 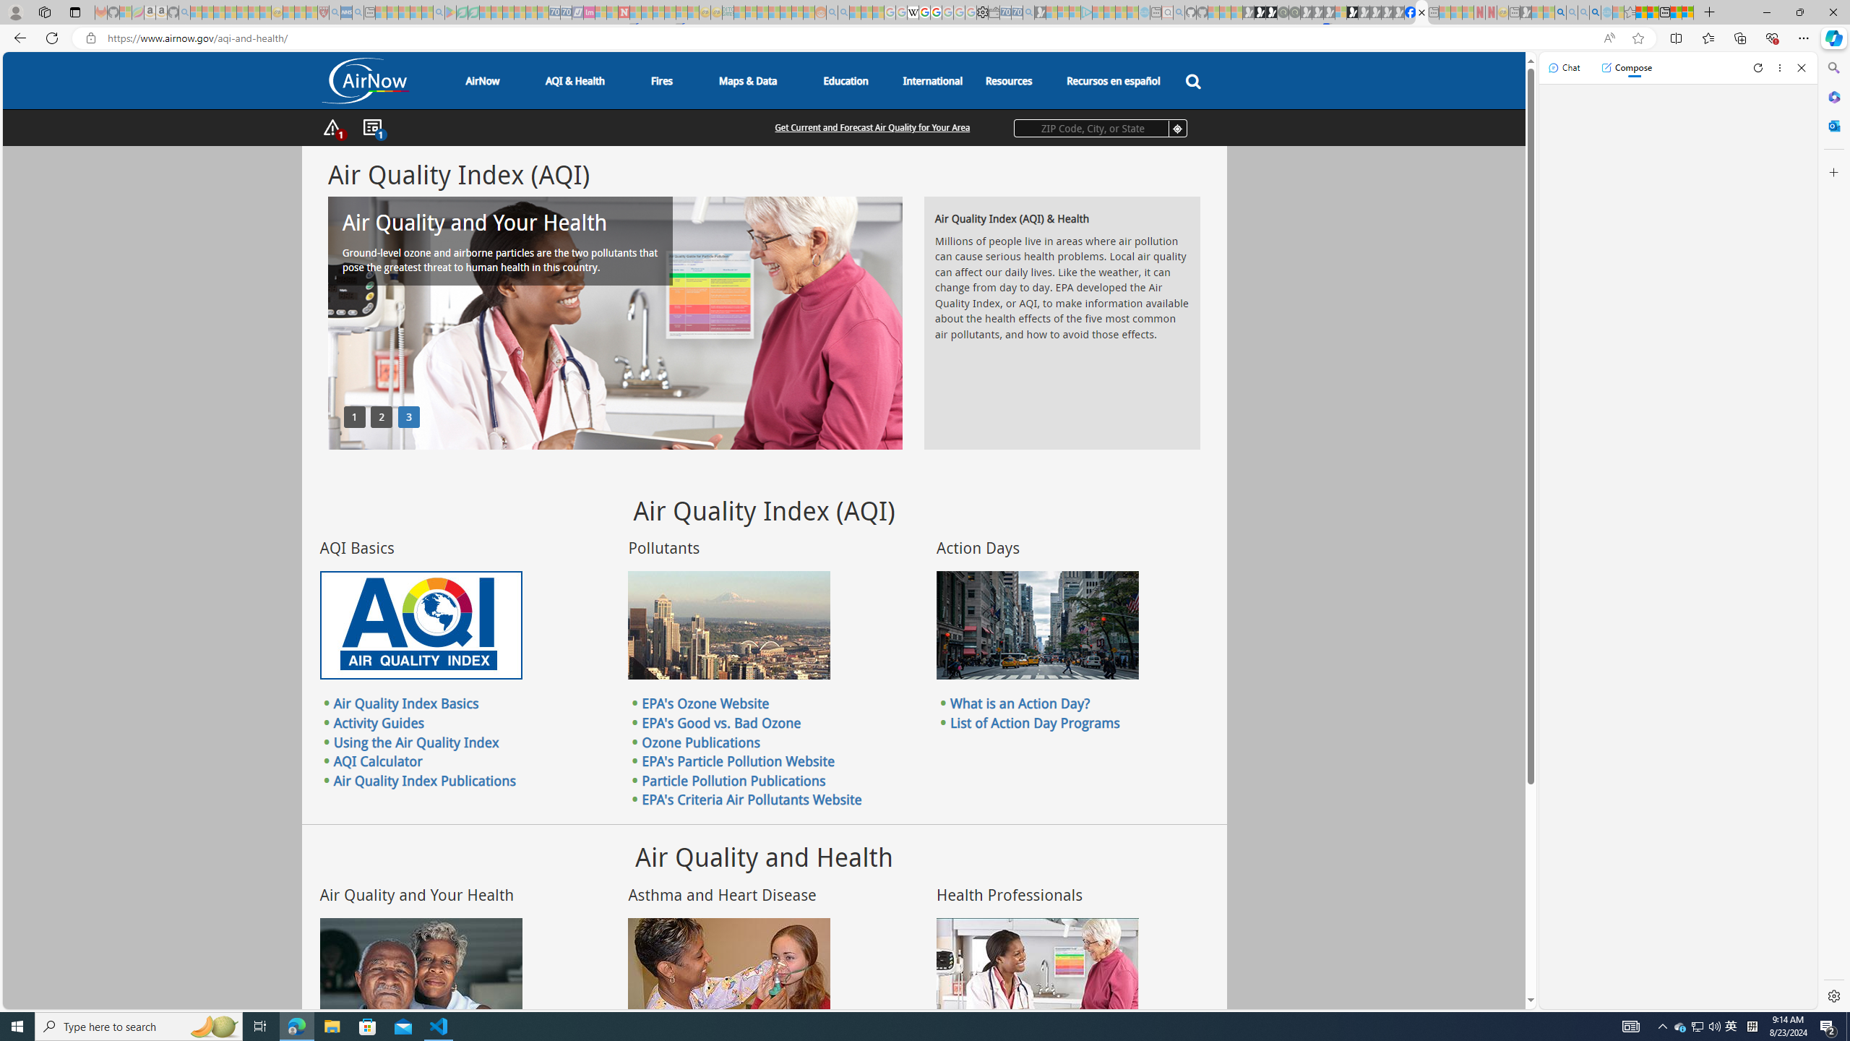 I want to click on 'Microsoft Start Gaming - Sleeping', so click(x=1040, y=12).